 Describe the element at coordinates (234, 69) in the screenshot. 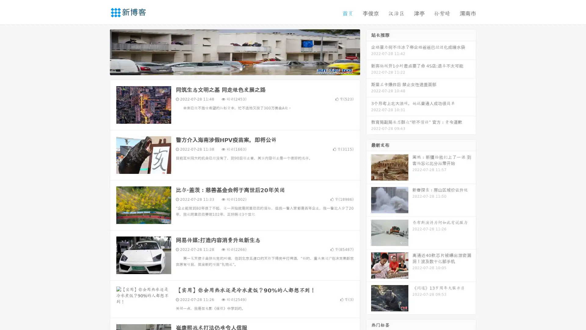

I see `Go to slide 2` at that location.